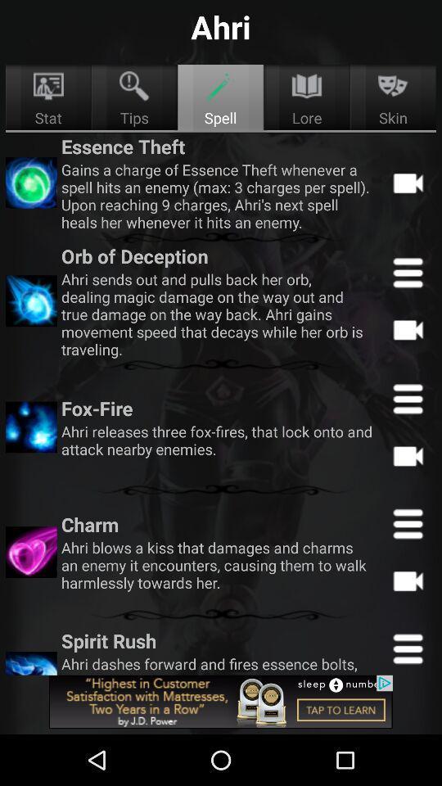 Image resolution: width=442 pixels, height=786 pixels. What do you see at coordinates (407, 580) in the screenshot?
I see `video` at bounding box center [407, 580].